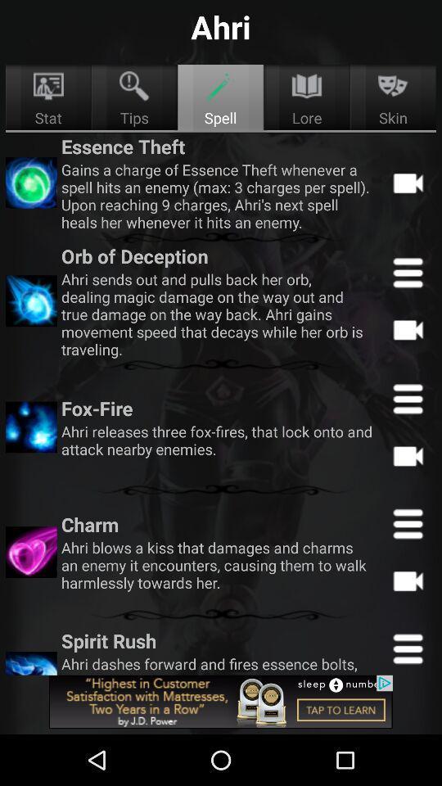 Image resolution: width=442 pixels, height=786 pixels. What do you see at coordinates (407, 580) in the screenshot?
I see `video` at bounding box center [407, 580].